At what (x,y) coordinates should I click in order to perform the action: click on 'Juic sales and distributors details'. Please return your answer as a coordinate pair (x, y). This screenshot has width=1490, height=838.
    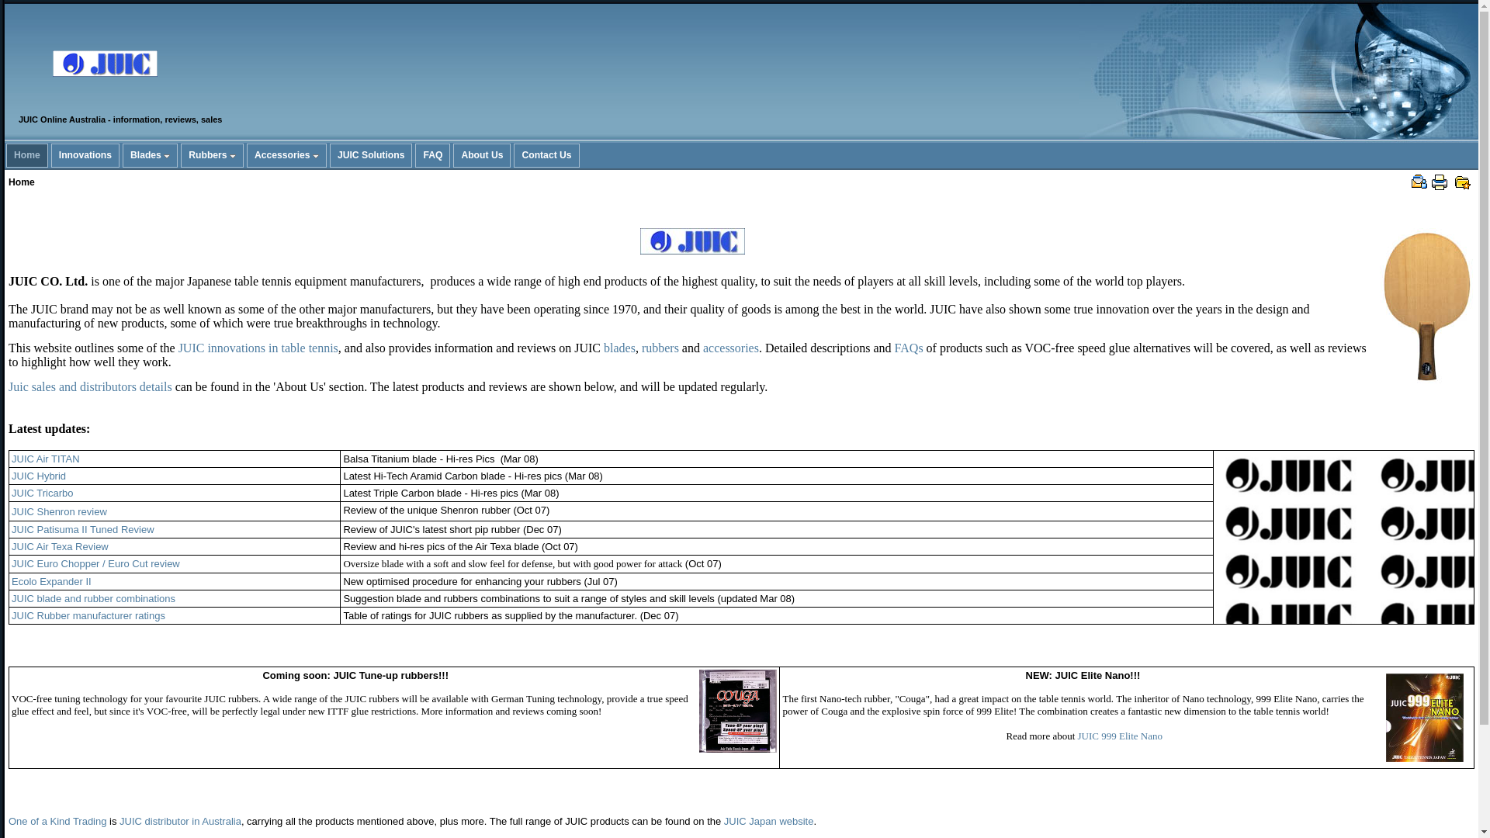
    Looking at the image, I should click on (8, 386).